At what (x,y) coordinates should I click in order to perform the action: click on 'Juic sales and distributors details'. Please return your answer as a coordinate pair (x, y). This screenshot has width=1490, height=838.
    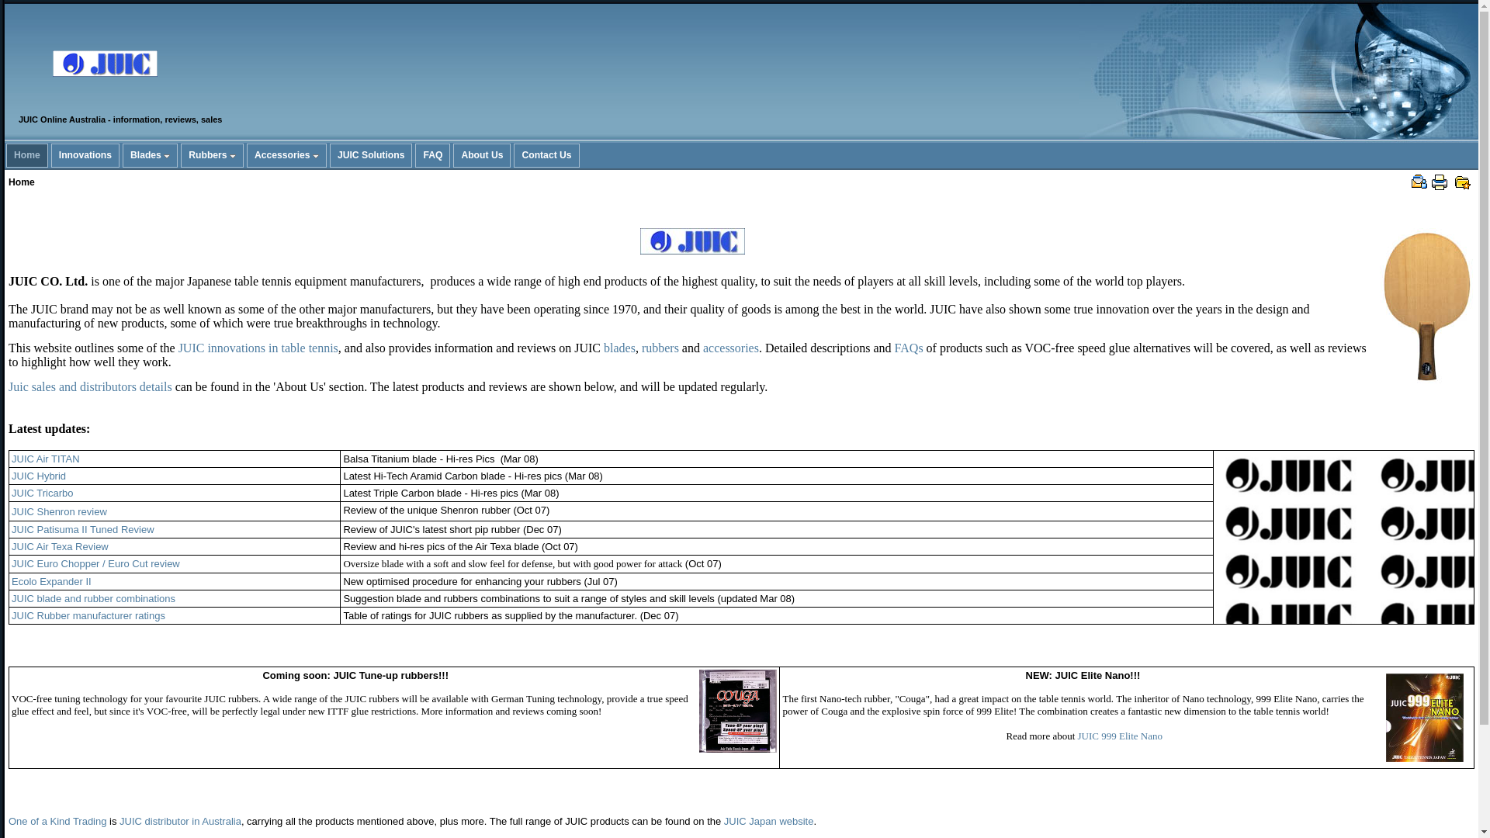
    Looking at the image, I should click on (8, 386).